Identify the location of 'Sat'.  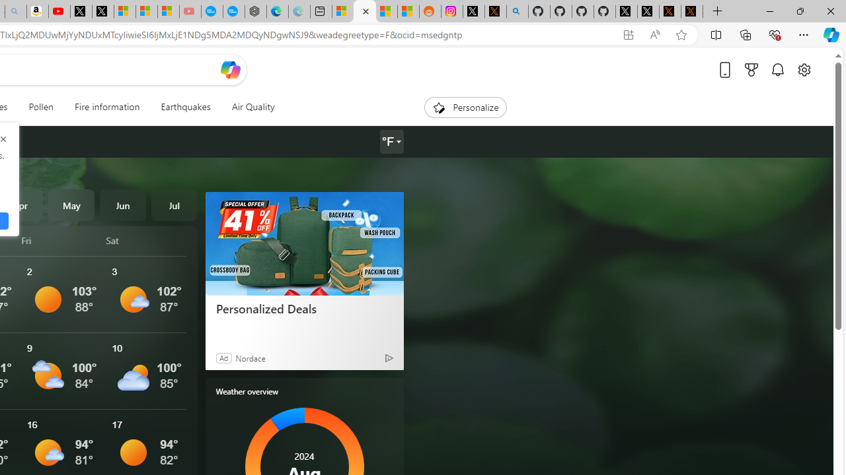
(146, 240).